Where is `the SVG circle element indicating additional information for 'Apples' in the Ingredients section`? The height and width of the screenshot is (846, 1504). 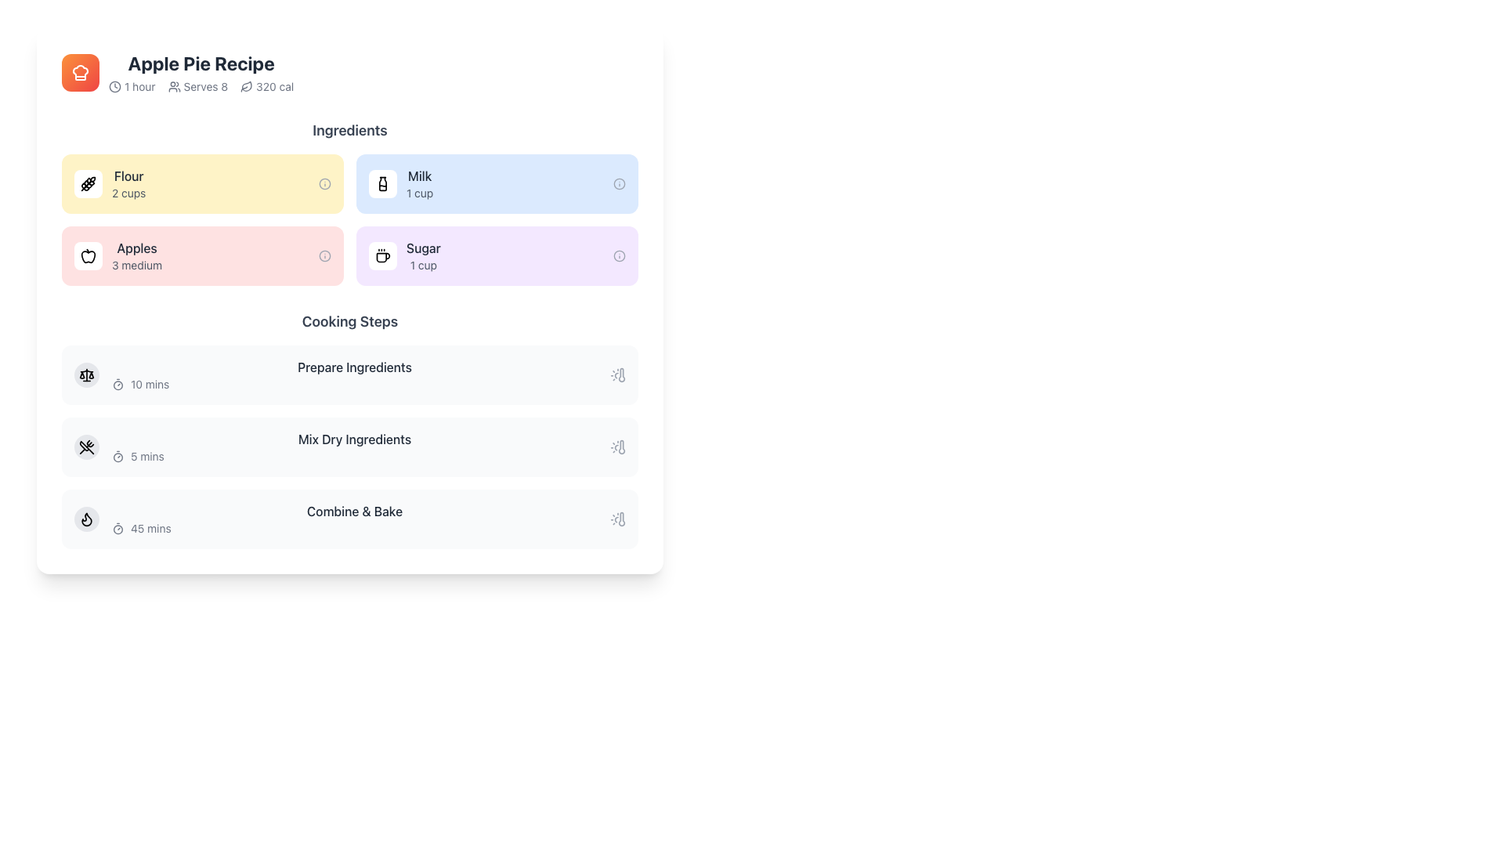
the SVG circle element indicating additional information for 'Apples' in the Ingredients section is located at coordinates (324, 255).